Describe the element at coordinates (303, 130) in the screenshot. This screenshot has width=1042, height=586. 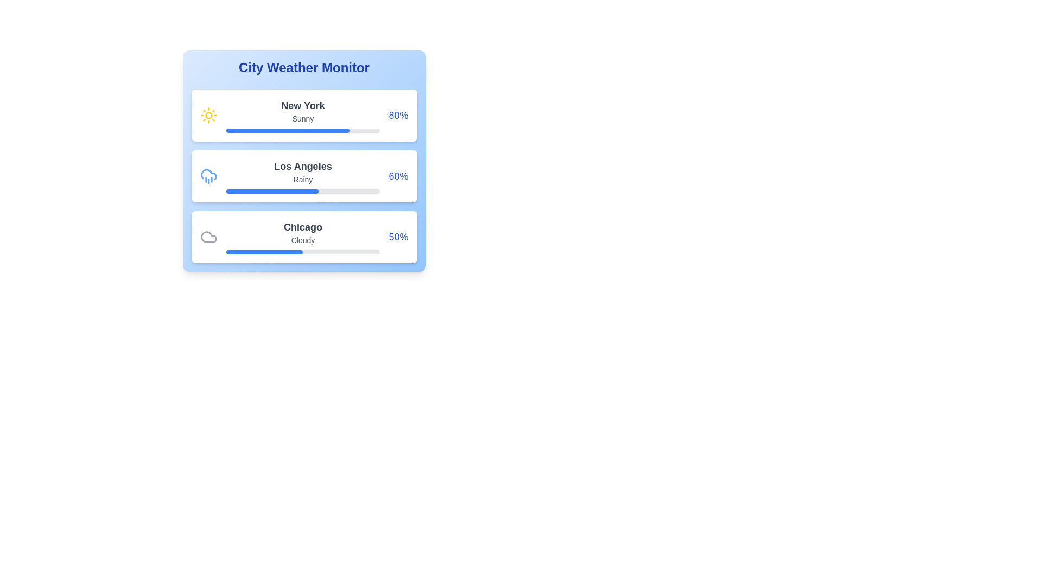
I see `the progress level of the blue-filled progress bar indicating 80% completion in the 'New York' weather card, located beneath the 'Sunny' description` at that location.